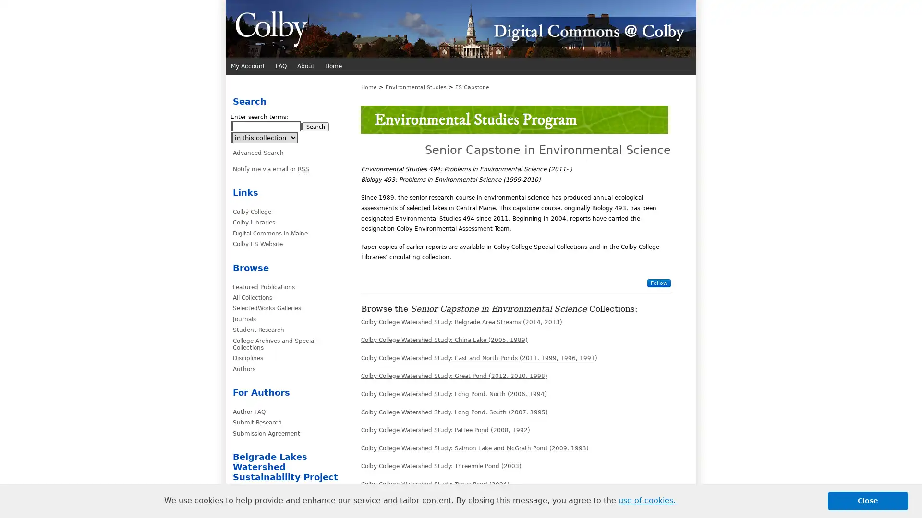  What do you see at coordinates (315, 126) in the screenshot?
I see `Search` at bounding box center [315, 126].